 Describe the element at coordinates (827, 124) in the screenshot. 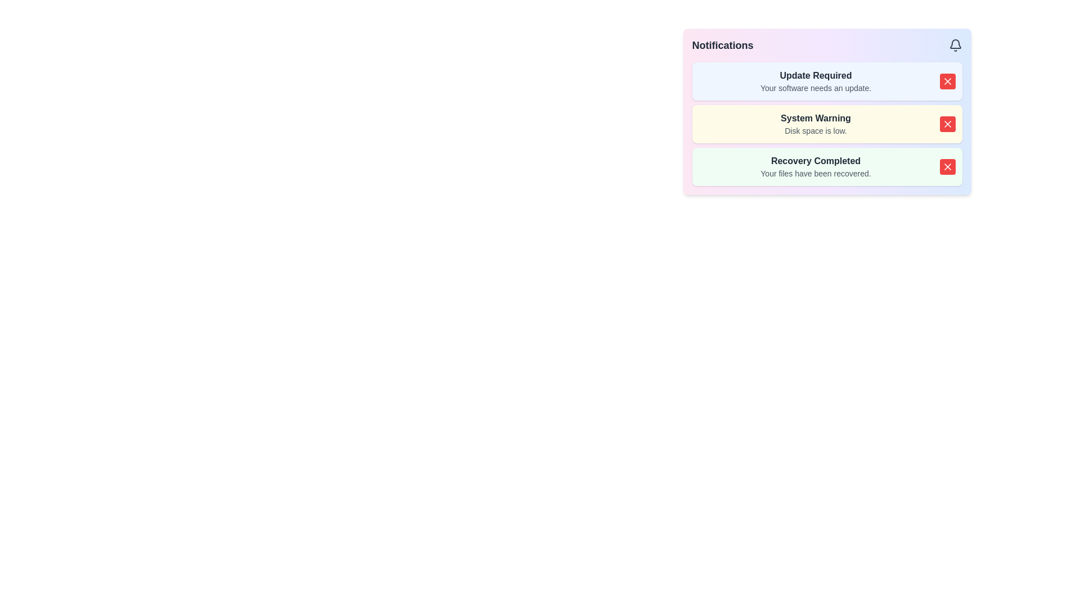

I see `the notification box with the title 'System Warning' to potentially reveal more options` at that location.